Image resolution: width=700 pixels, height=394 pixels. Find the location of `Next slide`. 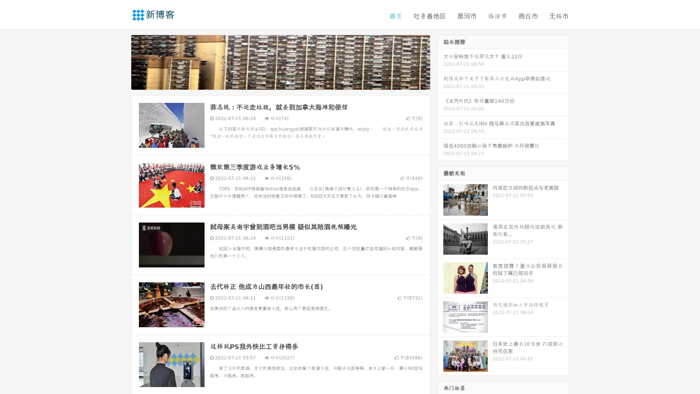

Next slide is located at coordinates (440, 61).